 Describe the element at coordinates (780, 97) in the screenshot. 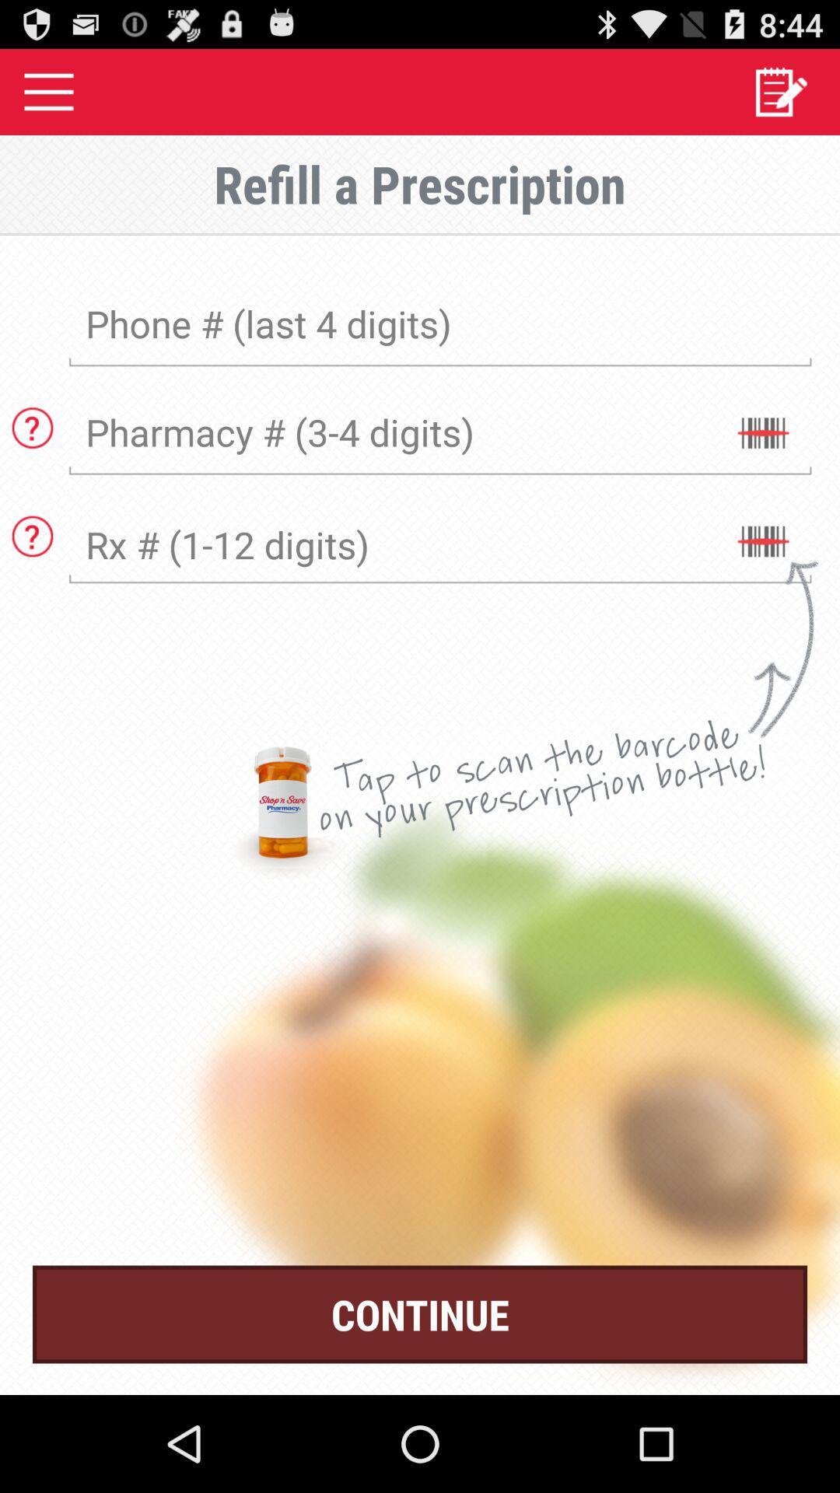

I see `the edit icon` at that location.